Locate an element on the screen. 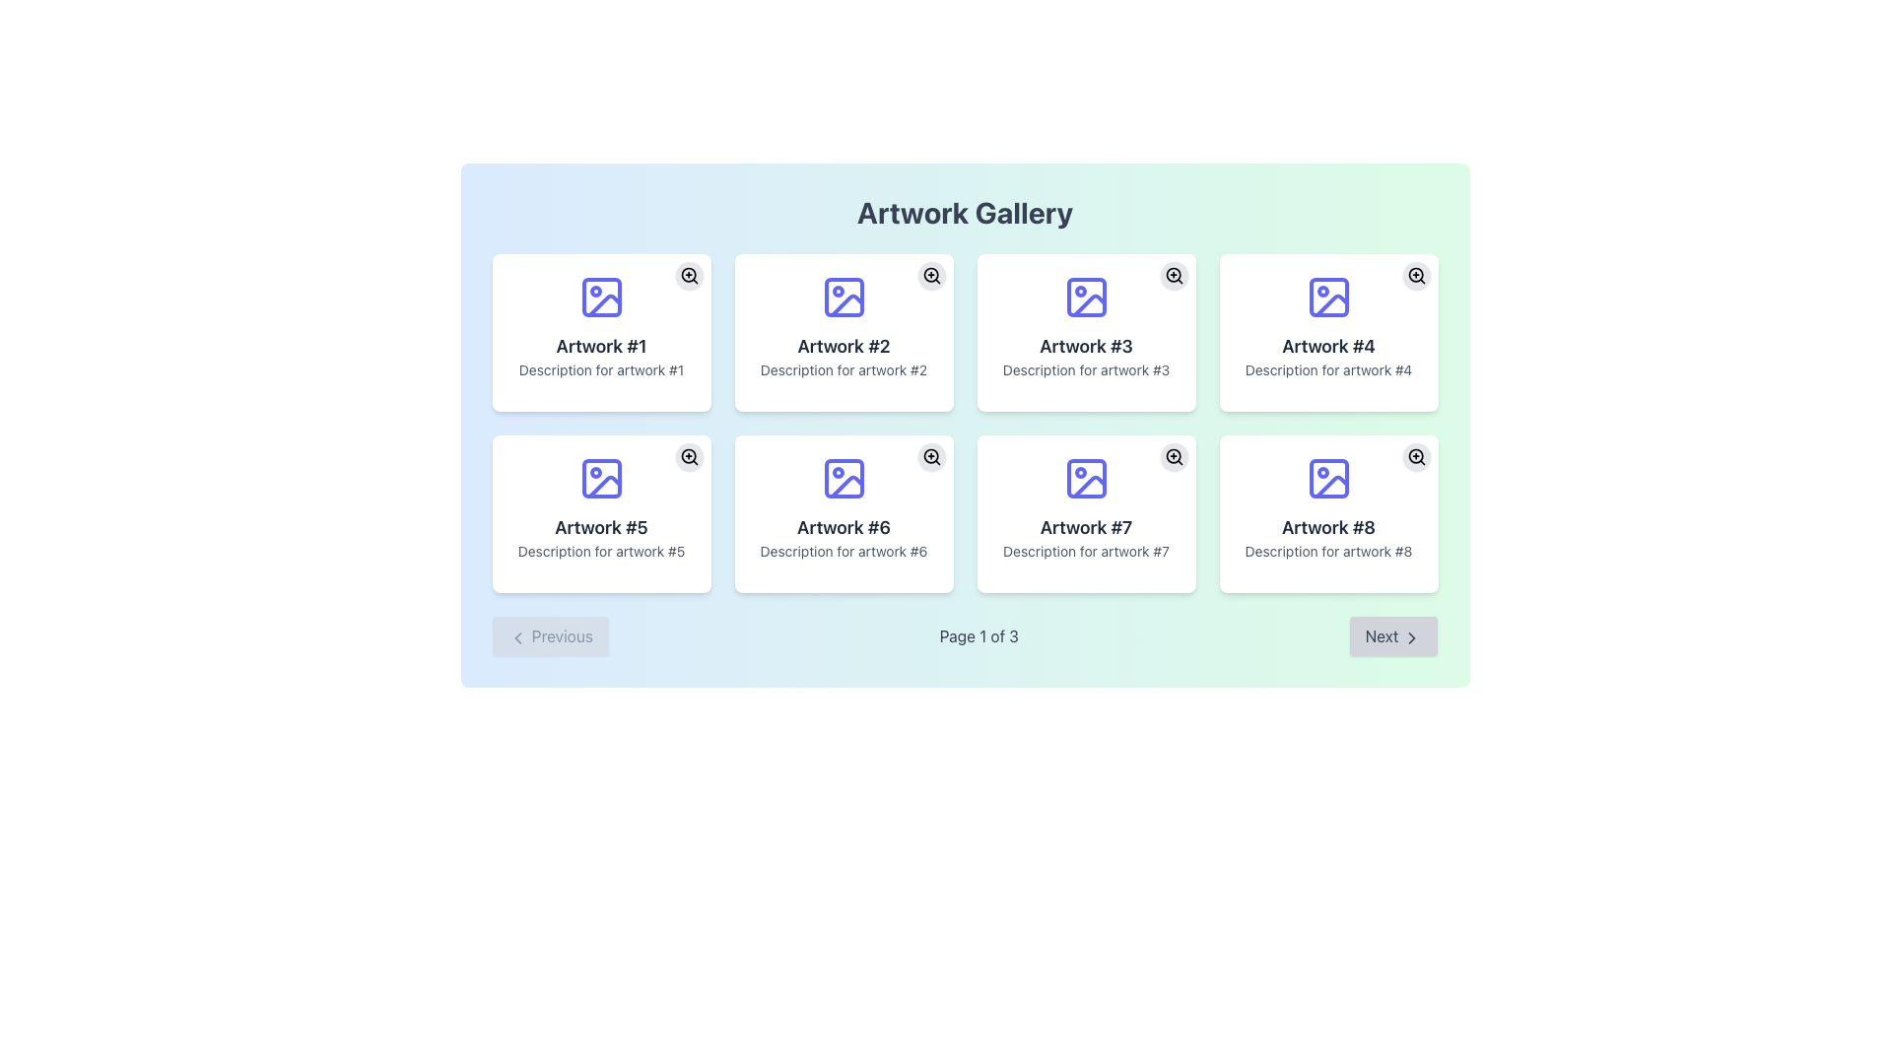  the small circular SVG shape located within the magnifying glass icon on the top-right corner of the 'Artwork #1' card is located at coordinates (688, 275).